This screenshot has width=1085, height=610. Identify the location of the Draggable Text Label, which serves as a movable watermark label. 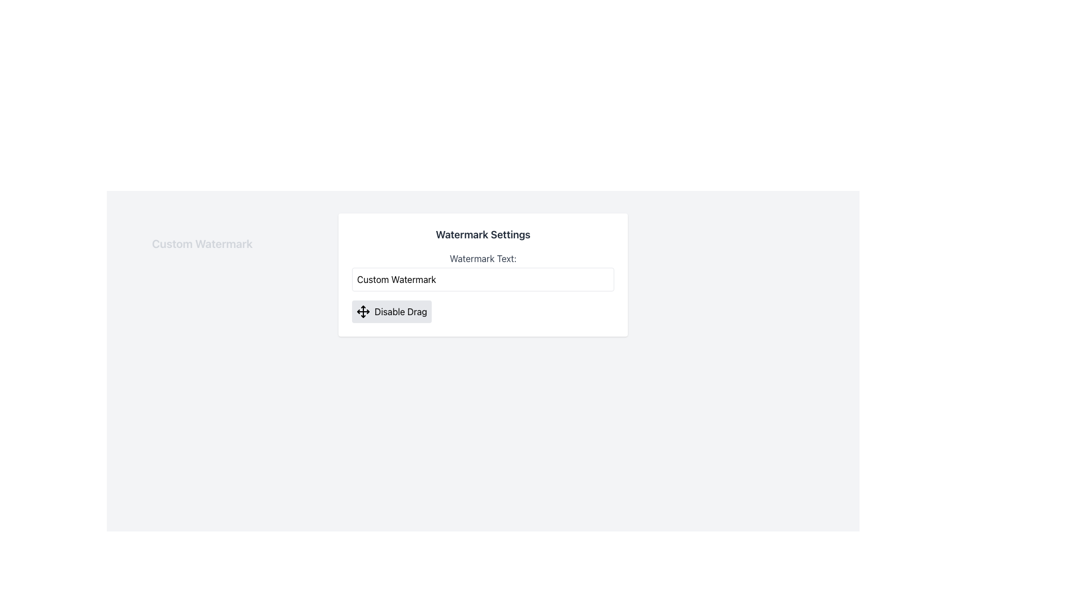
(202, 243).